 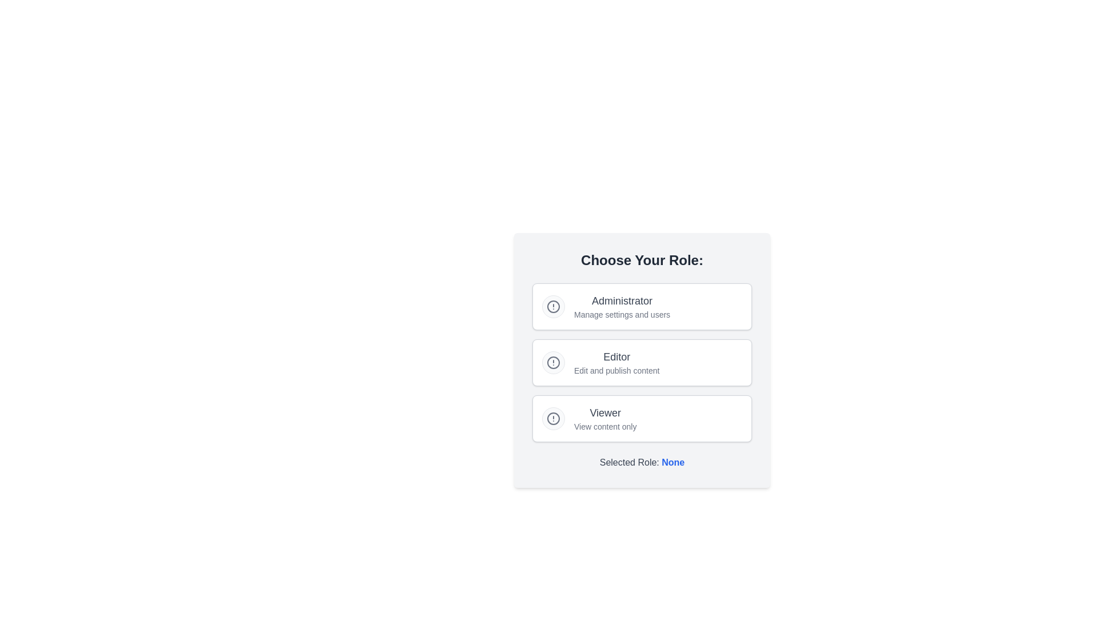 I want to click on the text label displaying 'Editor' in a large, bold, dark gray font, which is part of the role selection interface and positioned above the text 'Edit and publish content.', so click(x=616, y=356).